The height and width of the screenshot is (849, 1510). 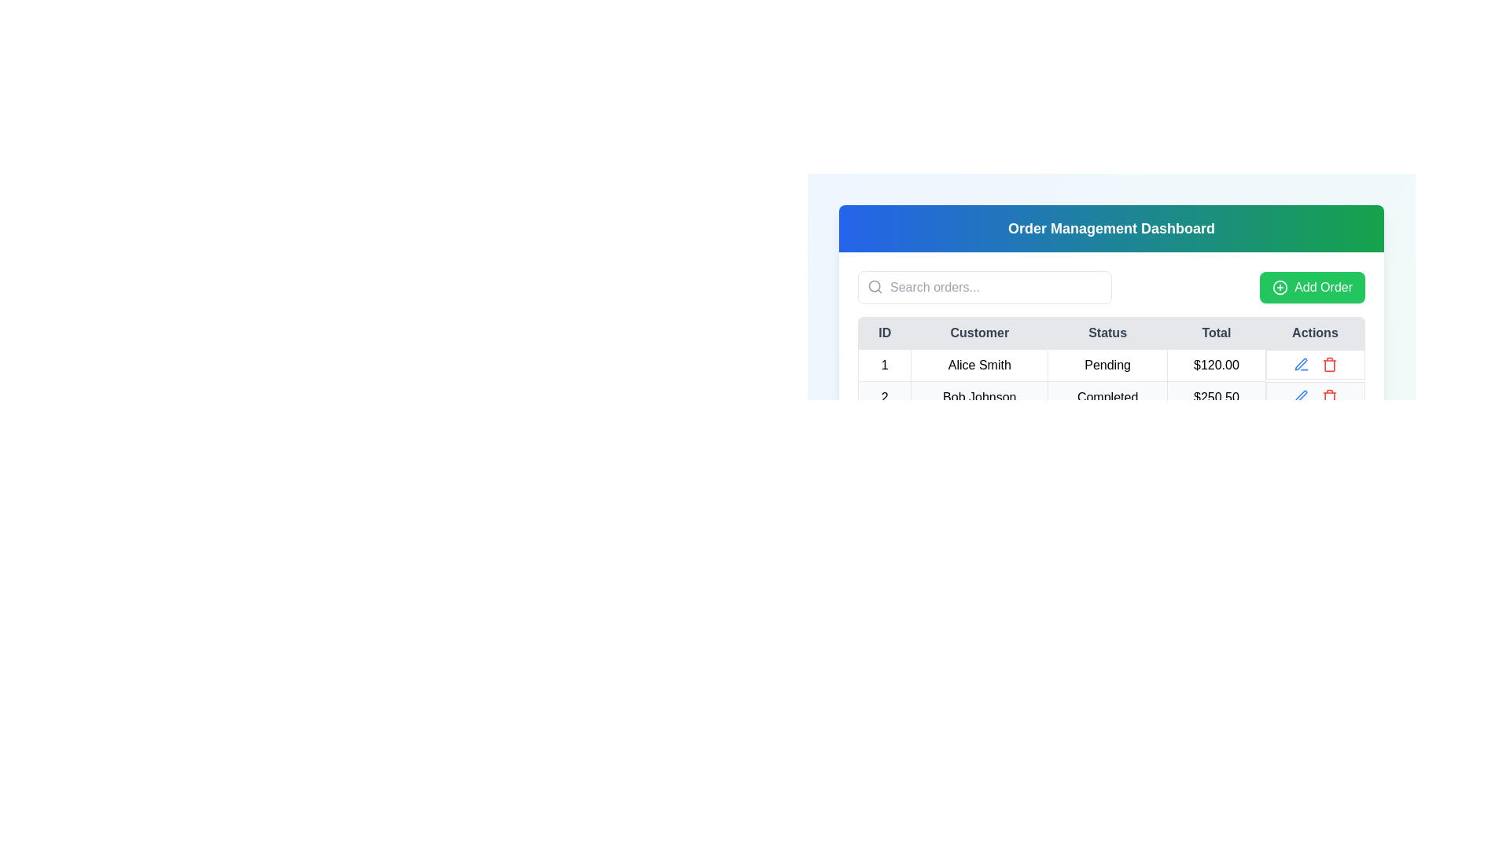 I want to click on the first row of the transaction table displaying ID '1', Customer 'Alice Smith', Status 'Pending', and Amount '$120.00', so click(x=1110, y=381).